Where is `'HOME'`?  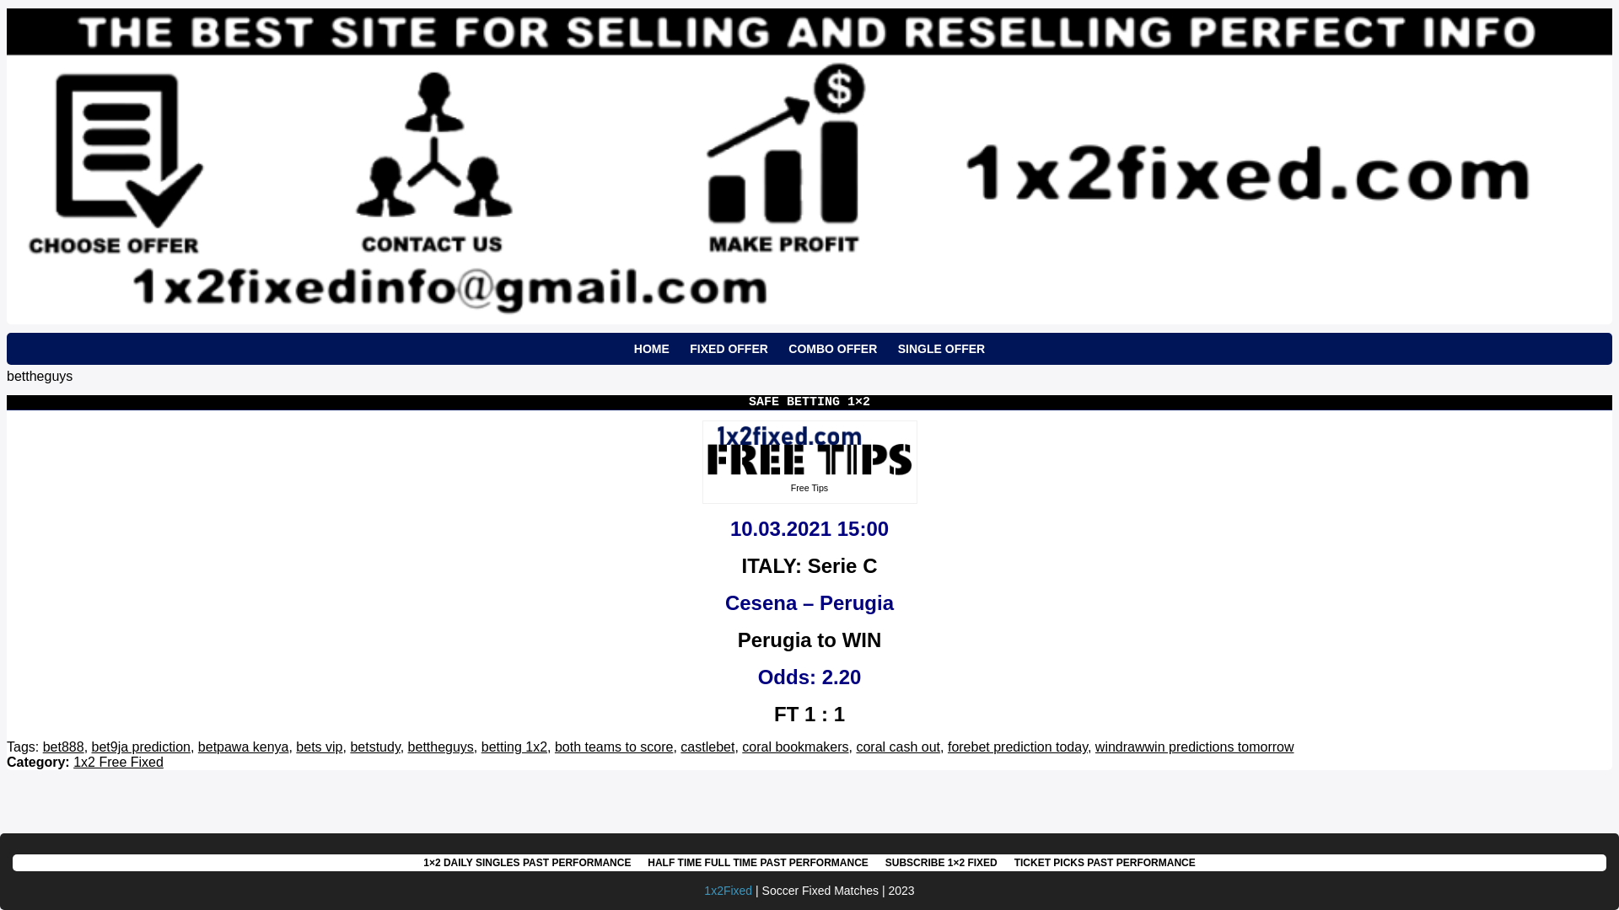
'HOME' is located at coordinates (650, 347).